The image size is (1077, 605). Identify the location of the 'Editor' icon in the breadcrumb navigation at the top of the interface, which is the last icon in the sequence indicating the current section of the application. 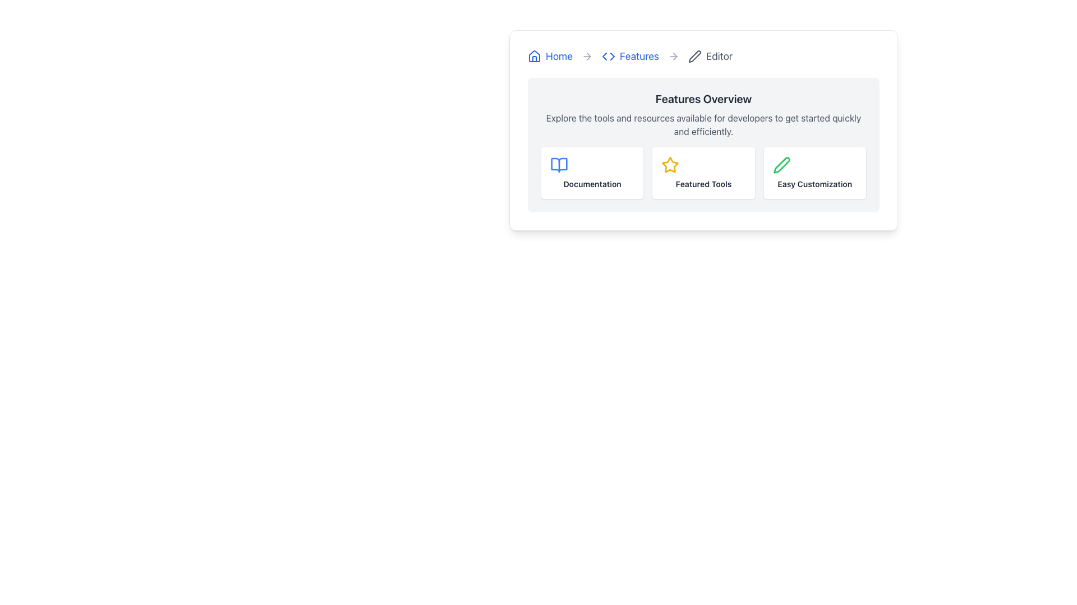
(694, 56).